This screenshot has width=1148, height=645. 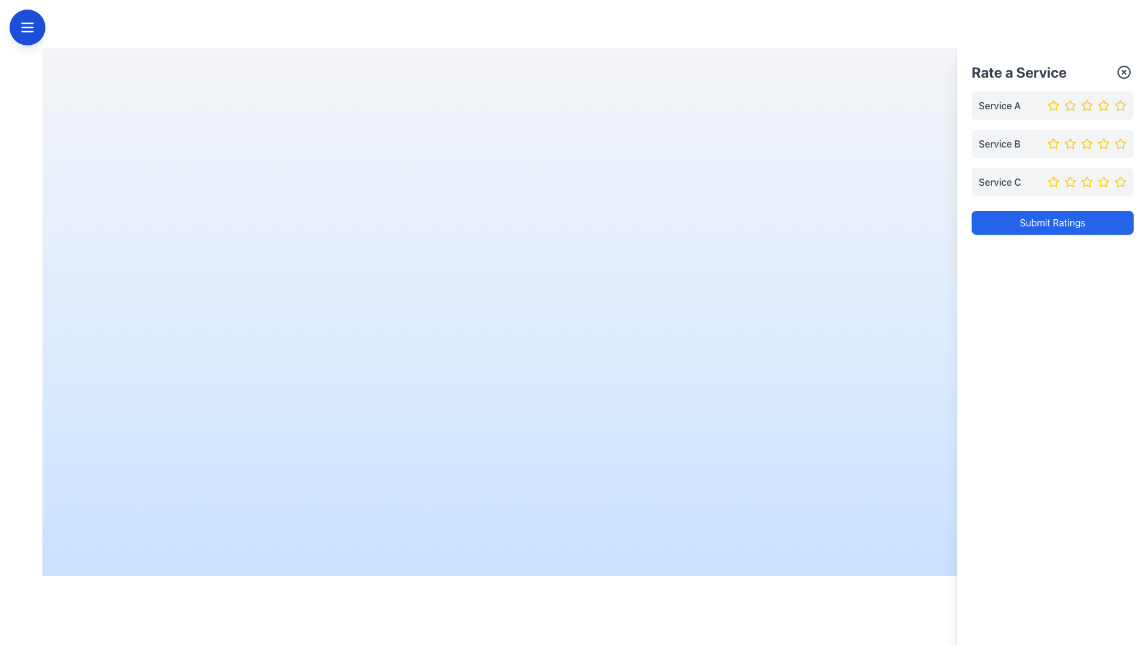 I want to click on the third golden-yellow star icon in the 'Service C' rating section, so click(x=1087, y=182).